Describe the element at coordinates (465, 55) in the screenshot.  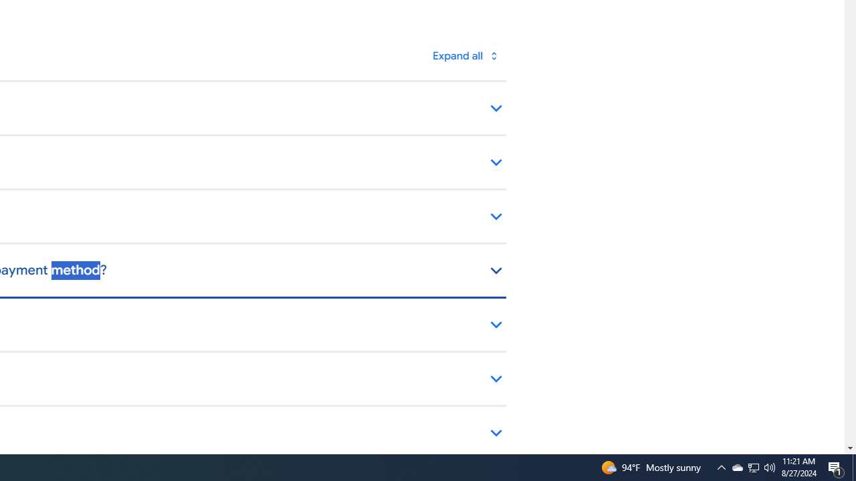
I see `'Toggle all'` at that location.